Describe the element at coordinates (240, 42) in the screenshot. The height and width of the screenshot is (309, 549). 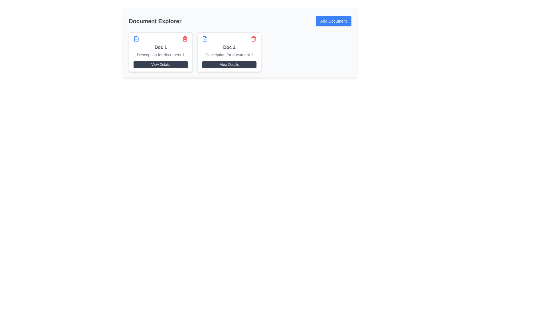
I see `the elements inside the Panel containing the 'Document Explorer', which includes the 'Add Document' button and two document cards` at that location.